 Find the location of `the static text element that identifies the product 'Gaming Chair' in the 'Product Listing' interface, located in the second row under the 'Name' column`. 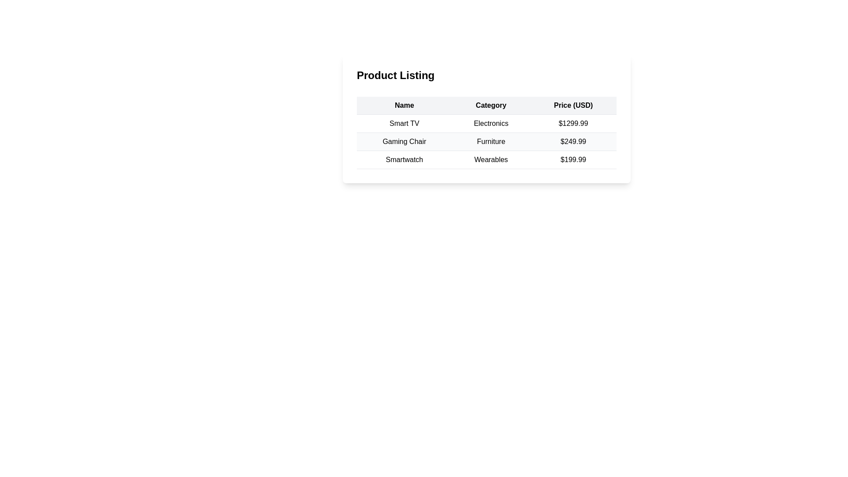

the static text element that identifies the product 'Gaming Chair' in the 'Product Listing' interface, located in the second row under the 'Name' column is located at coordinates (404, 141).